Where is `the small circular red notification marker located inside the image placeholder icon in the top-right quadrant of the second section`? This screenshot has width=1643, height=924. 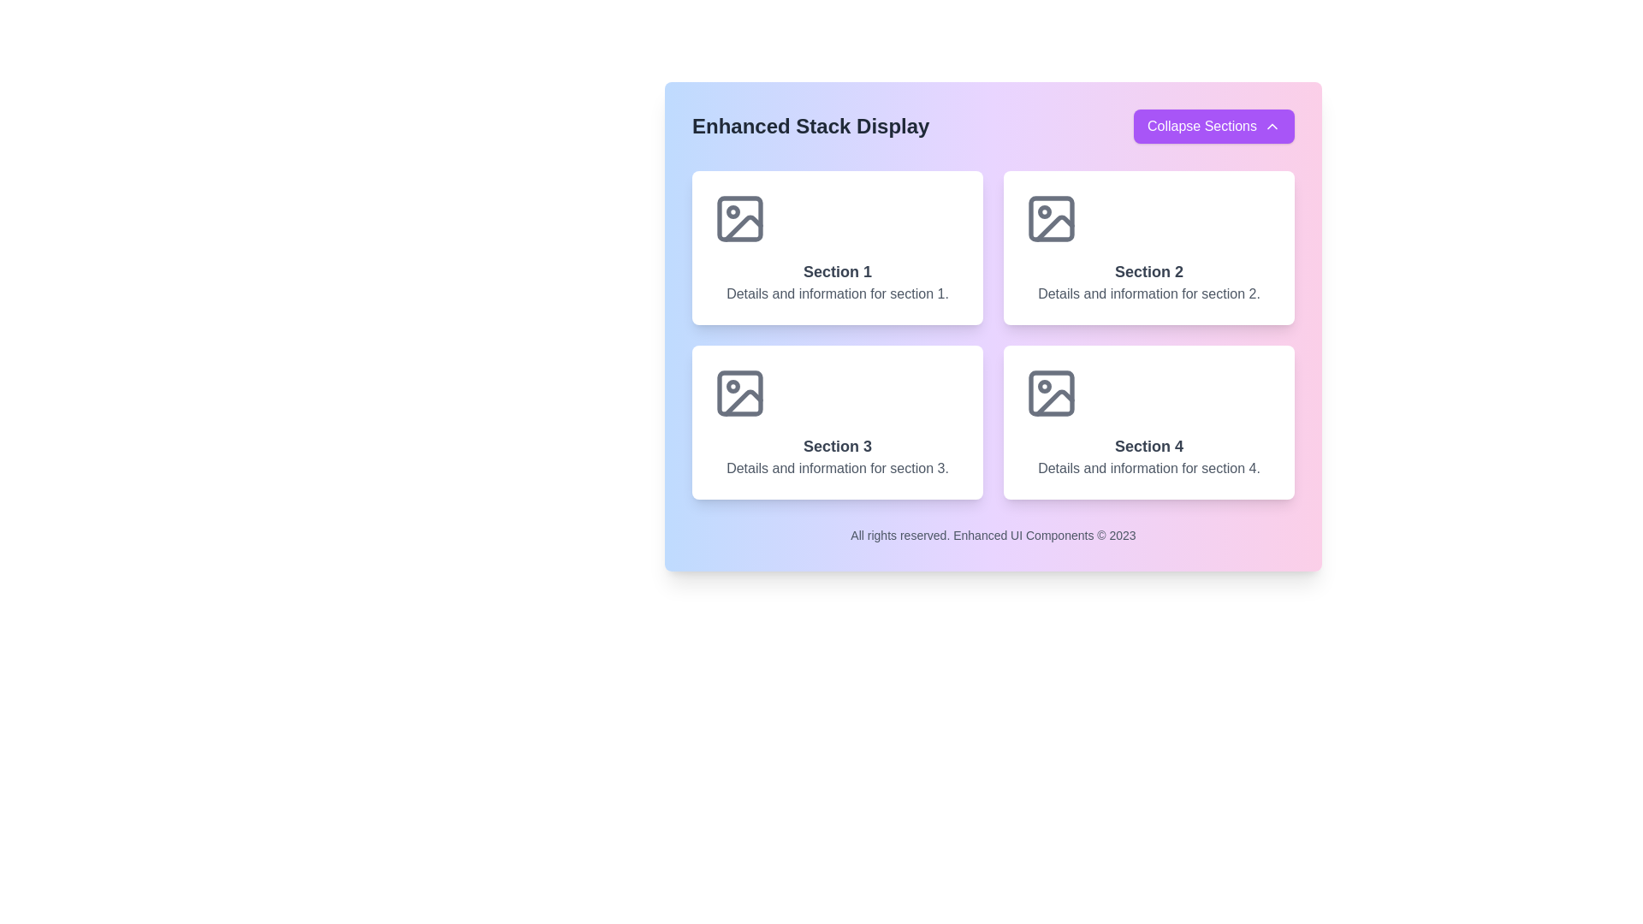 the small circular red notification marker located inside the image placeholder icon in the top-right quadrant of the second section is located at coordinates (1043, 210).